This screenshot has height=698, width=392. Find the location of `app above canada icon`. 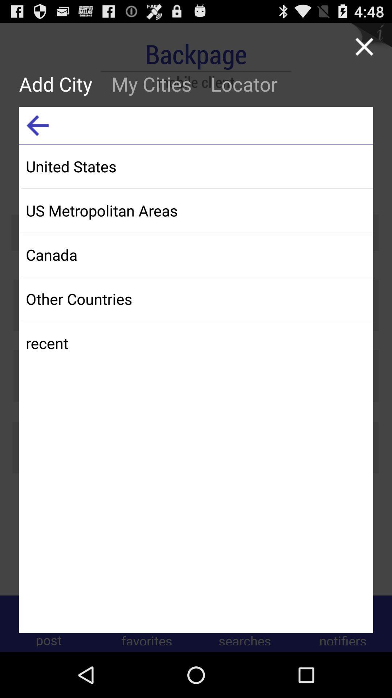

app above canada icon is located at coordinates (197, 210).